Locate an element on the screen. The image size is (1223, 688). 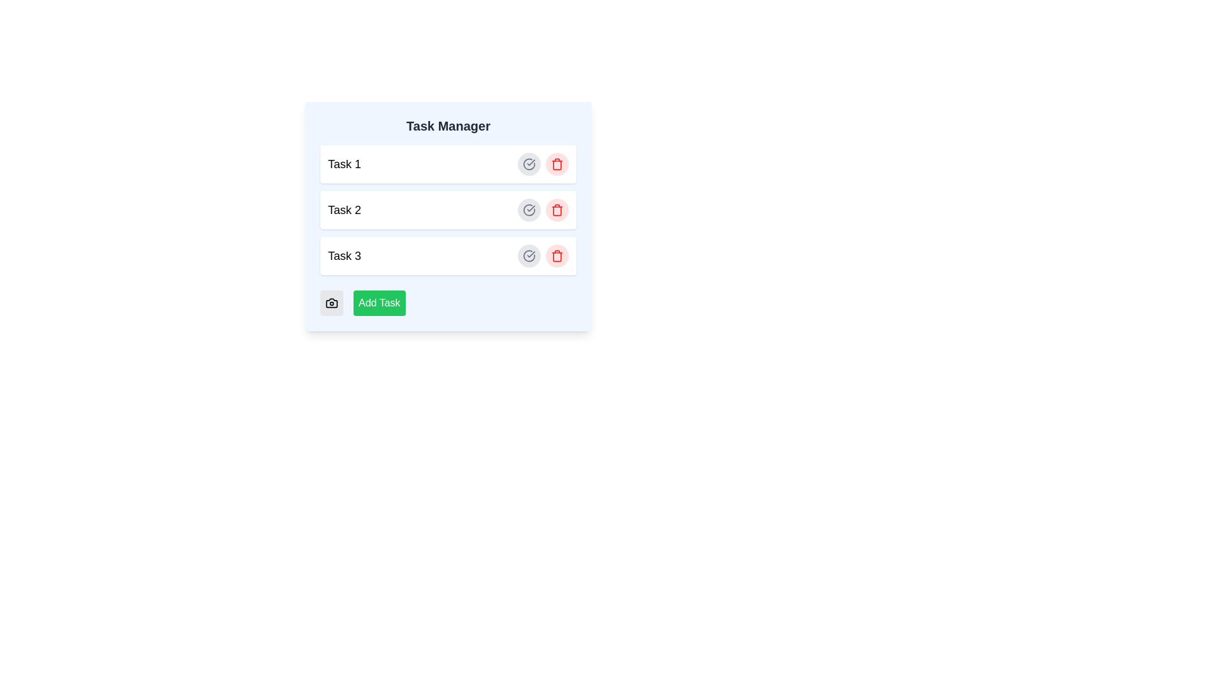
the circular mark of the check-in-circle icon in the third task entry row to read the associated tooltip if it exists is located at coordinates (529, 255).